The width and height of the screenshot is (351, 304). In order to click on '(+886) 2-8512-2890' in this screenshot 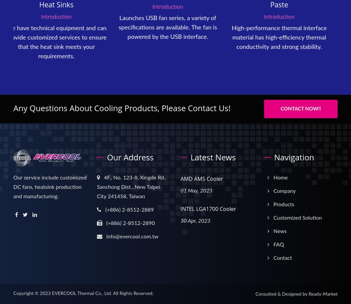, I will do `click(130, 223)`.